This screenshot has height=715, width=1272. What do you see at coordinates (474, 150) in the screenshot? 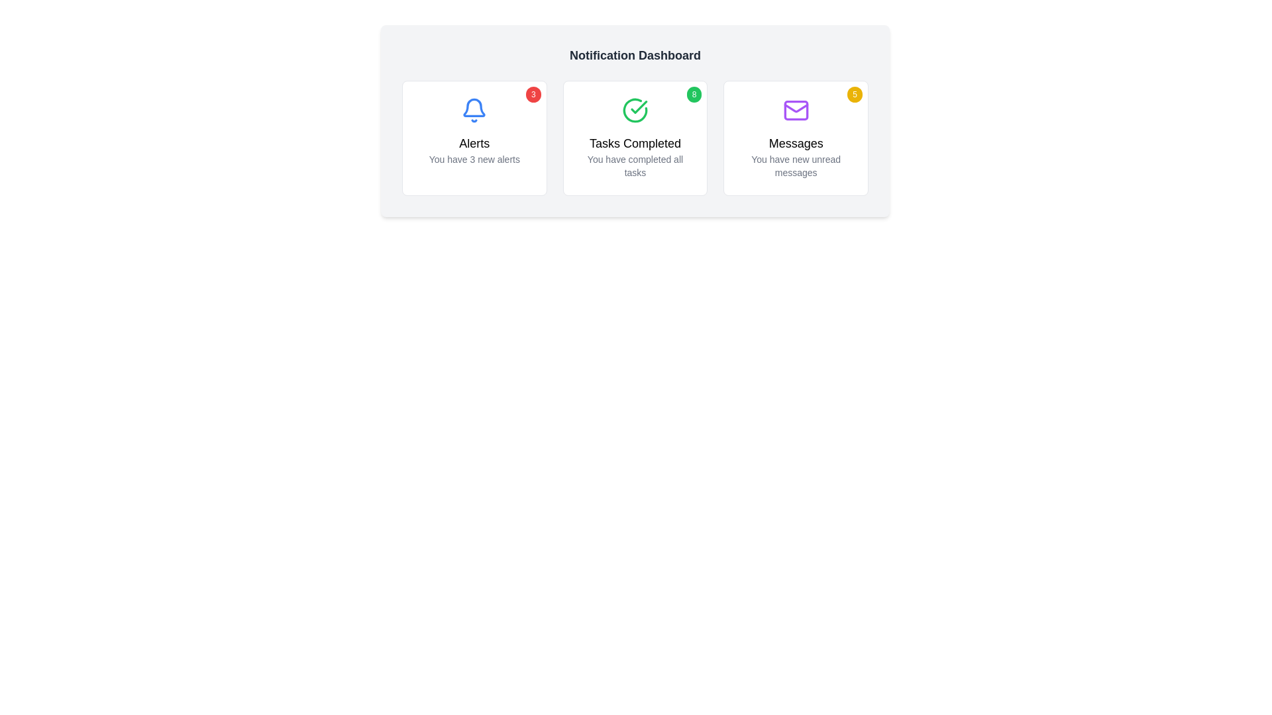
I see `the notification summary element located in the first column of the grid layout under the 'Notification Dashboard' header, which informs the user about new alerts` at bounding box center [474, 150].